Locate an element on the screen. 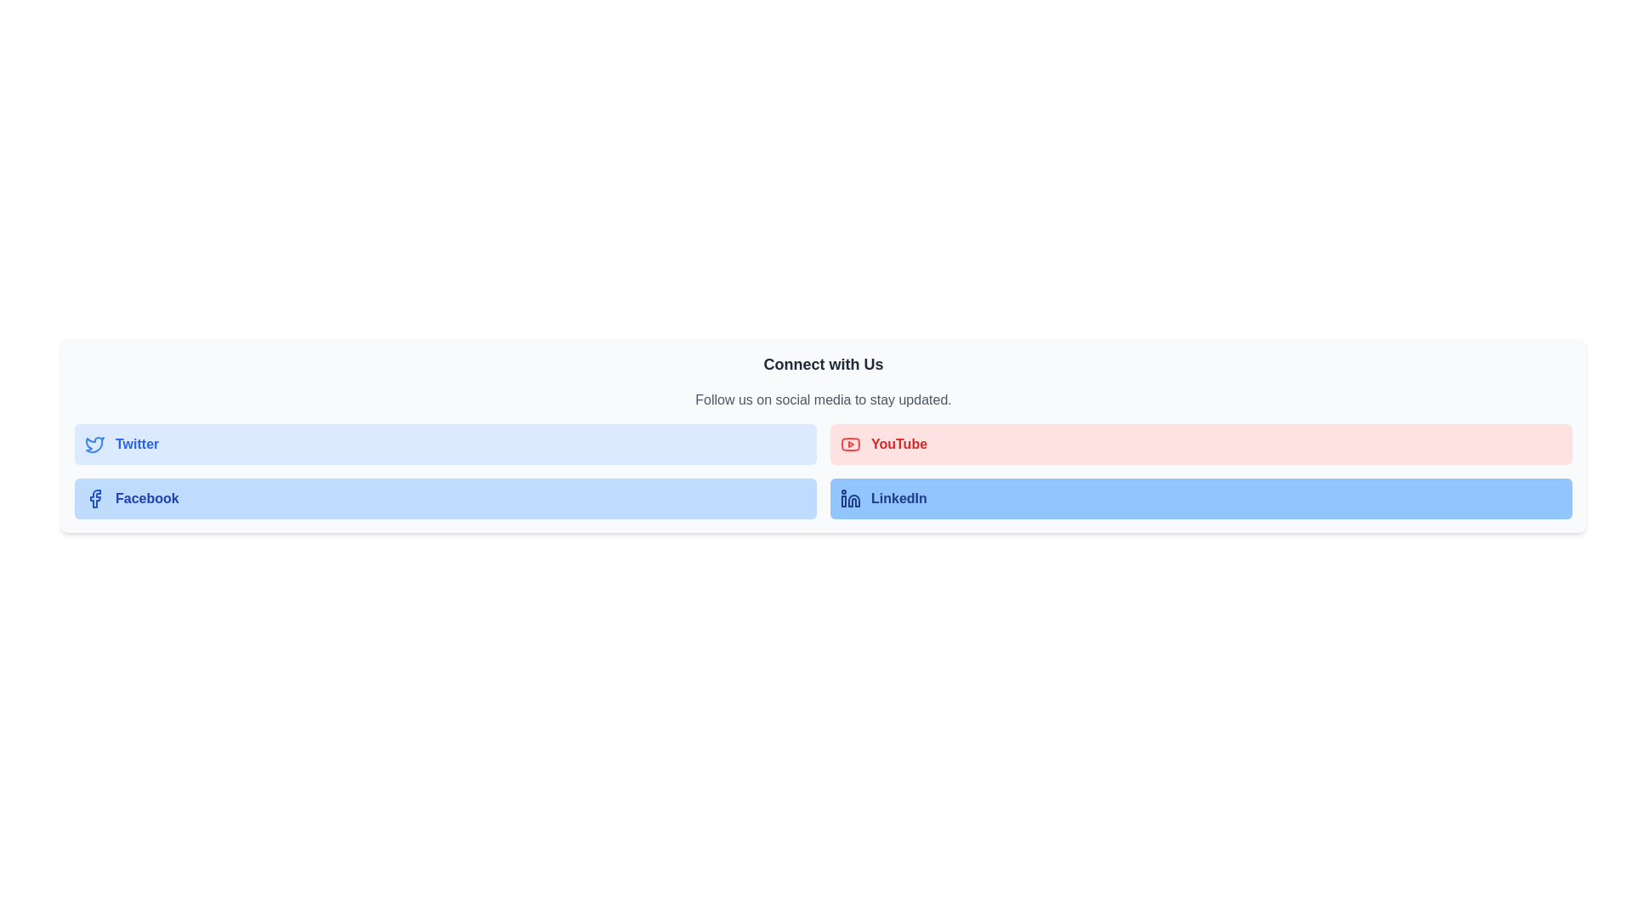 Image resolution: width=1632 pixels, height=918 pixels. the outer curved rectangle shape of the YouTube icon in the 'Connect with Us' section to trigger visual feedback is located at coordinates (851, 444).